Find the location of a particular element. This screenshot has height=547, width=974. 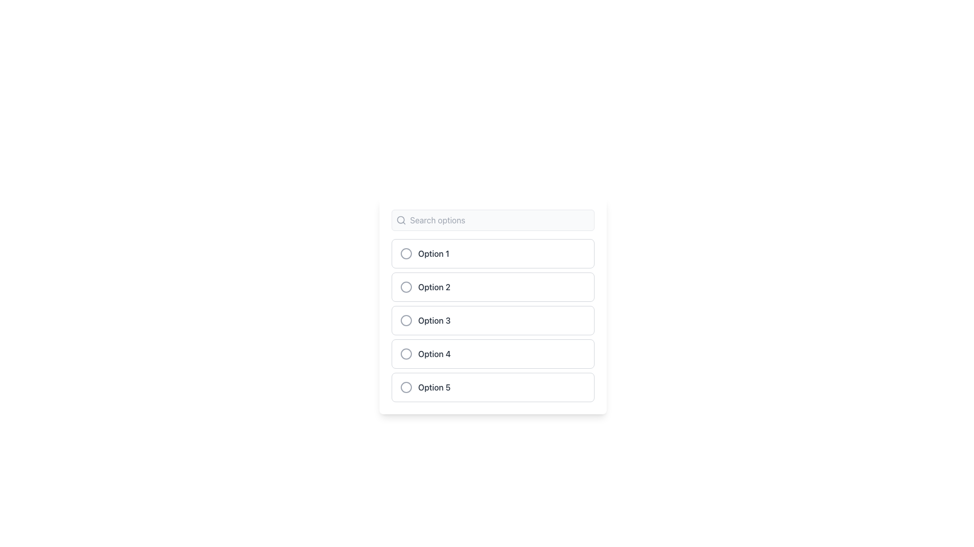

the visual indicator circle located in the fourth option of a vertical list of selectable items is located at coordinates (406, 353).